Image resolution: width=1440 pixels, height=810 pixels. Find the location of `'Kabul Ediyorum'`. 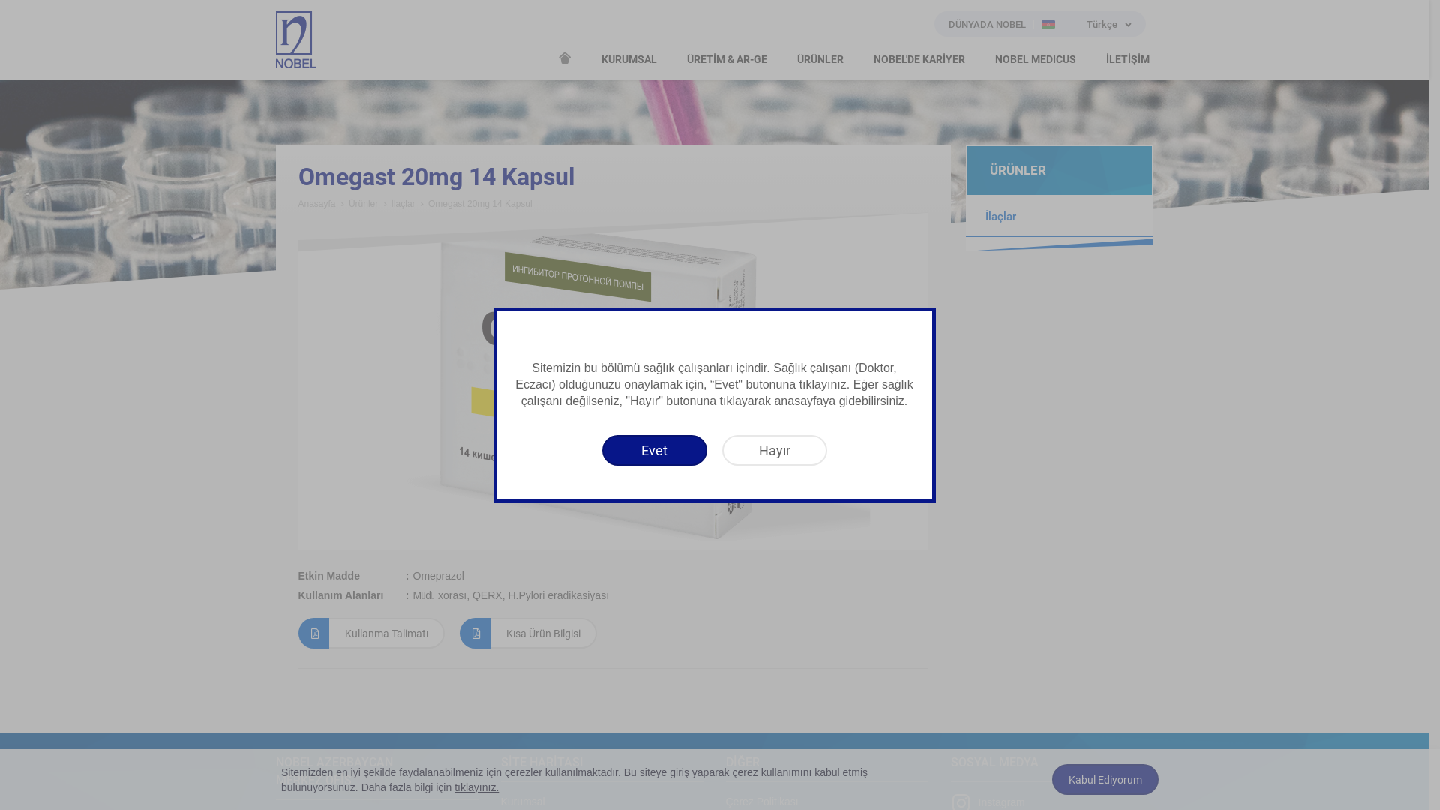

'Kabul Ediyorum' is located at coordinates (1051, 778).